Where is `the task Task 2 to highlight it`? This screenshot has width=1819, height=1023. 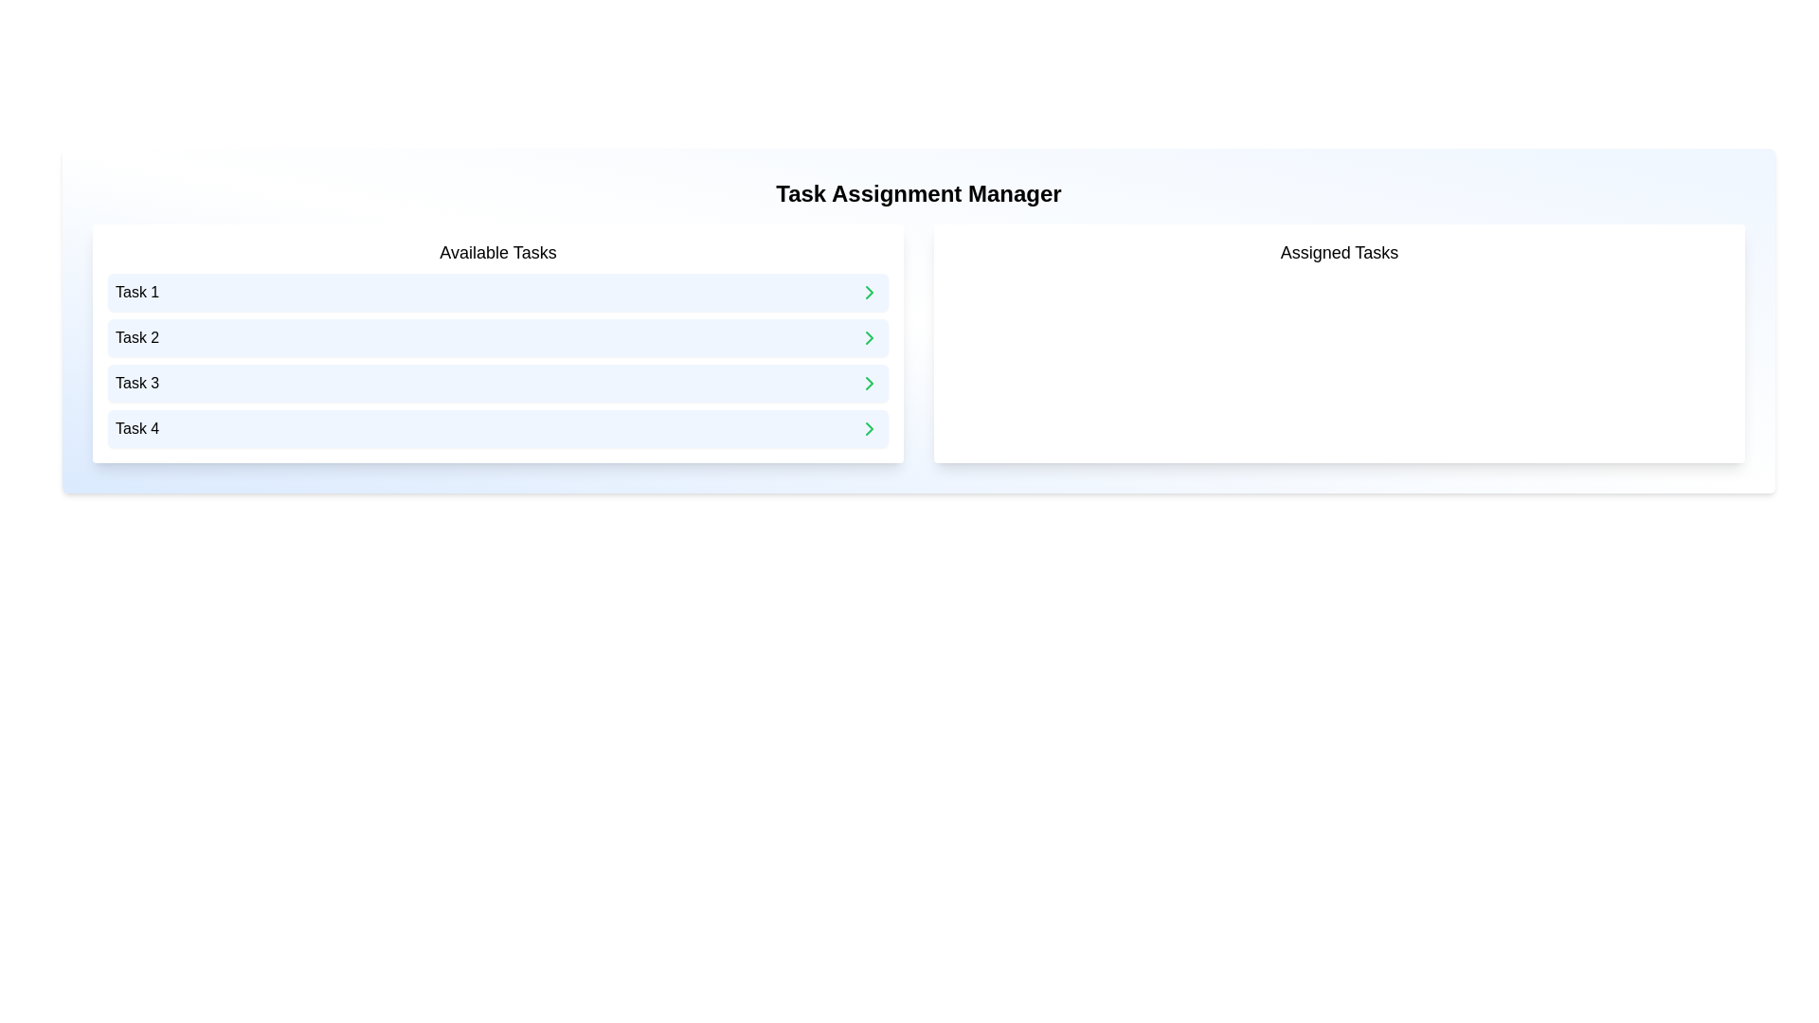 the task Task 2 to highlight it is located at coordinates (498, 337).